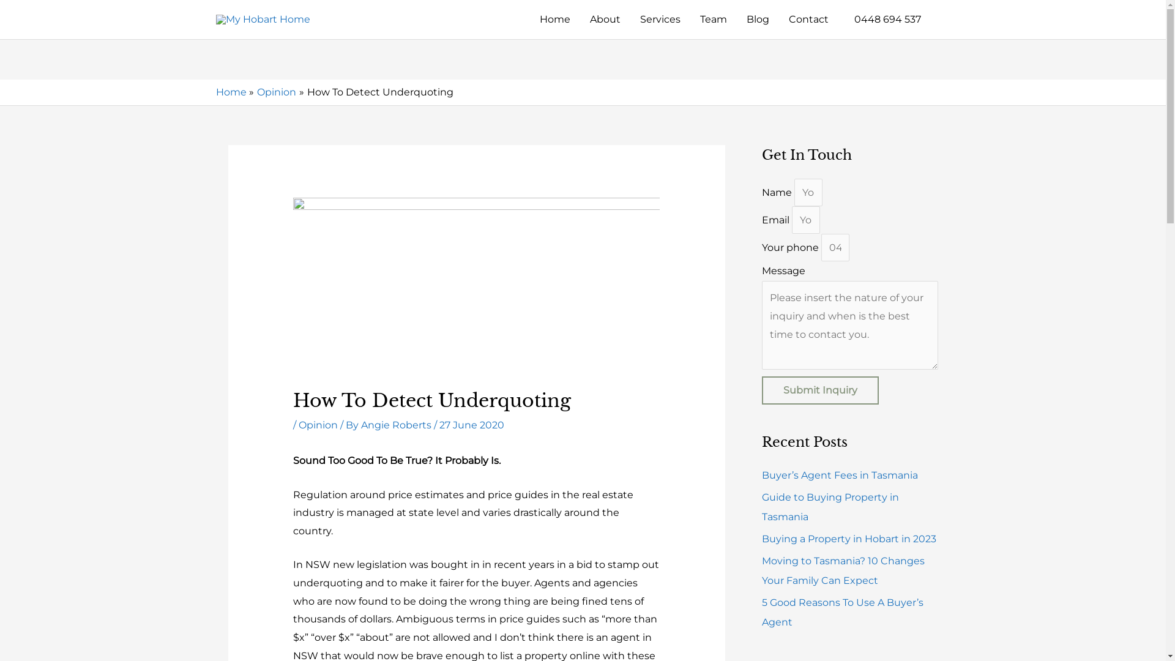 The image size is (1175, 661). I want to click on 'Guide to Buying Property in Tasmania', so click(830, 507).